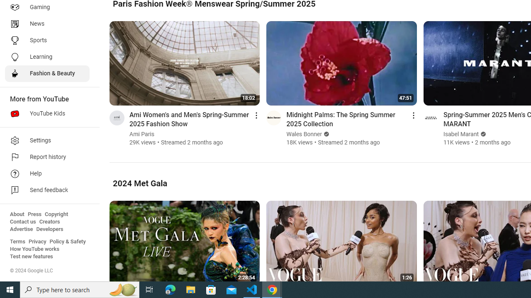  Describe the element at coordinates (46, 23) in the screenshot. I see `'News'` at that location.